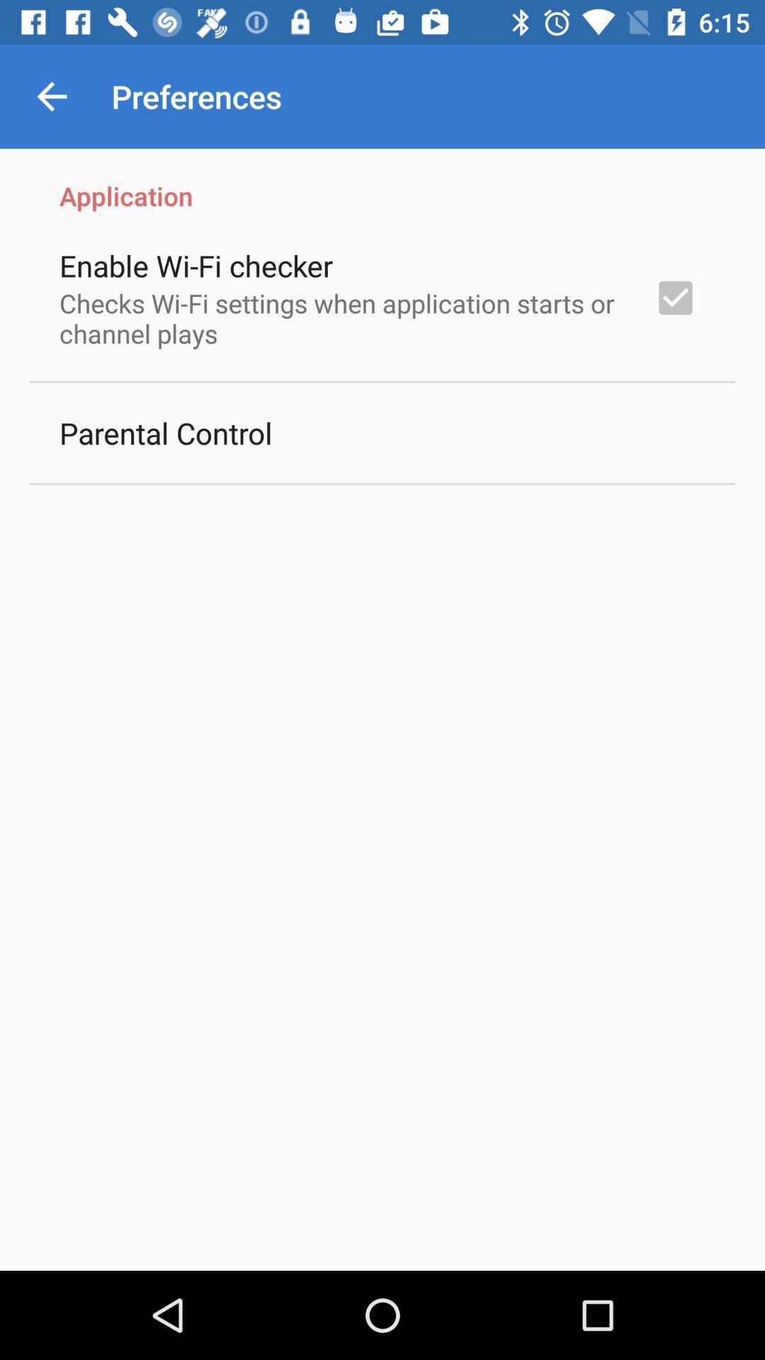 Image resolution: width=765 pixels, height=1360 pixels. Describe the element at coordinates (674, 297) in the screenshot. I see `item to the right of the checks wi fi` at that location.